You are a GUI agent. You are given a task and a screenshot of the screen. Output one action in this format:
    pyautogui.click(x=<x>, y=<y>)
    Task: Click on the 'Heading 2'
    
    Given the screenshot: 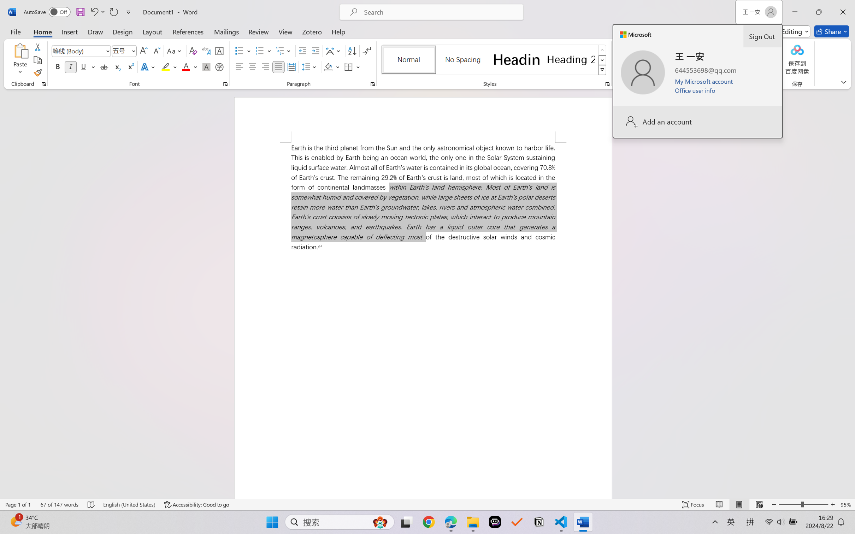 What is the action you would take?
    pyautogui.click(x=571, y=59)
    